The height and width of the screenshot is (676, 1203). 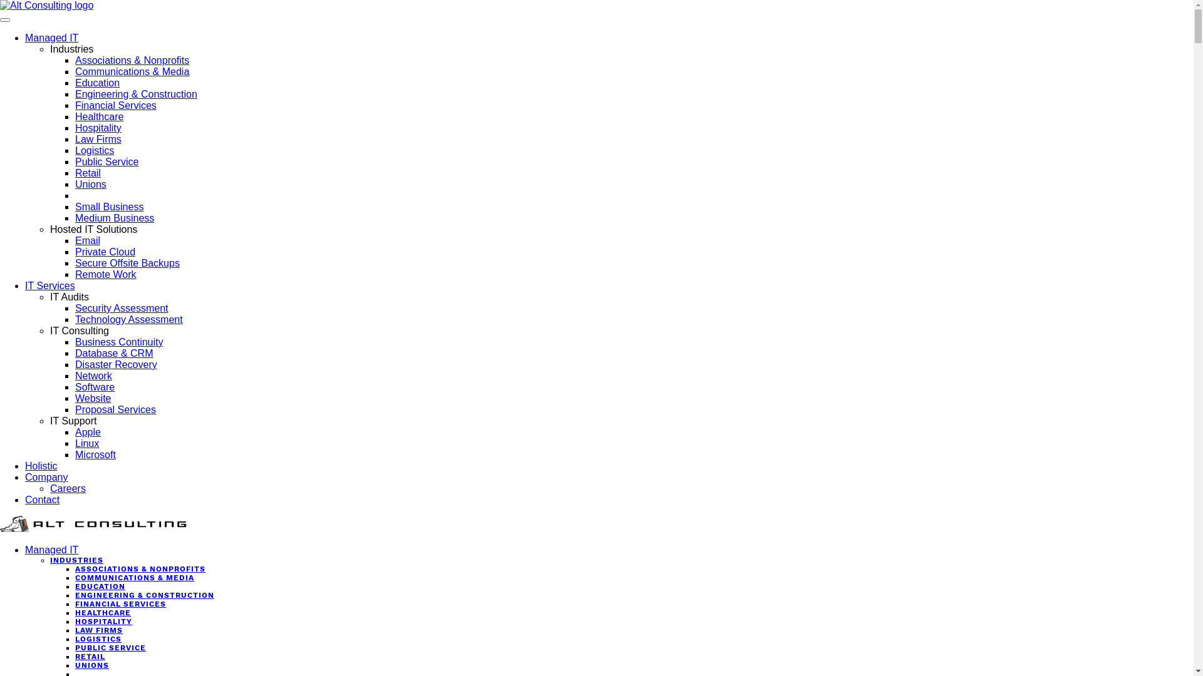 I want to click on 'Private Cloud', so click(x=105, y=252).